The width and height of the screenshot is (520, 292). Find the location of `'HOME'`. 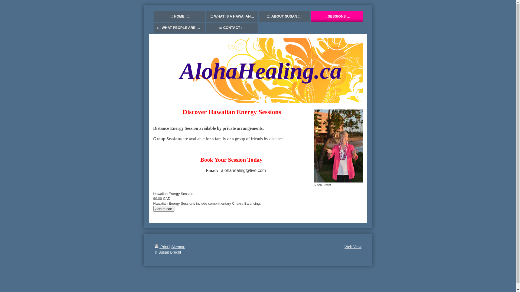

'HOME' is located at coordinates (179, 16).